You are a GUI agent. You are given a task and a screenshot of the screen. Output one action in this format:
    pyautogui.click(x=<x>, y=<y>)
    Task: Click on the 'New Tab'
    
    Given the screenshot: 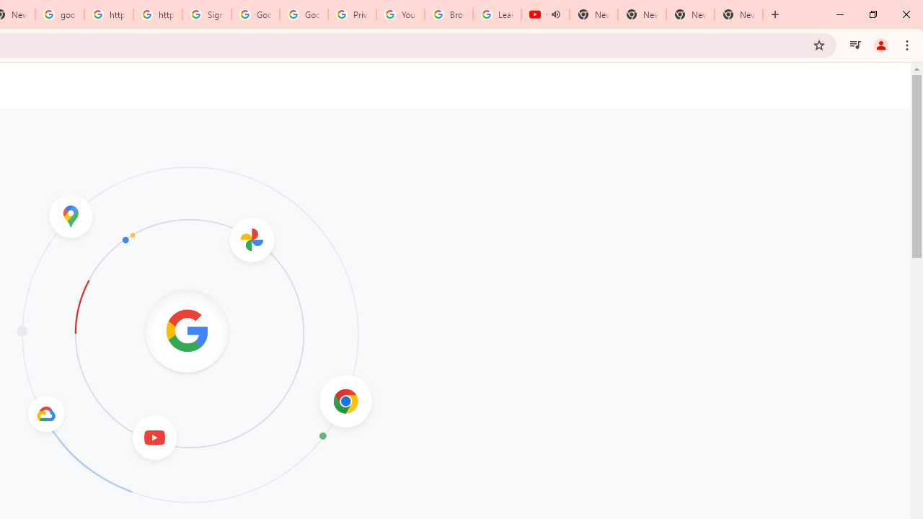 What is the action you would take?
    pyautogui.click(x=738, y=14)
    